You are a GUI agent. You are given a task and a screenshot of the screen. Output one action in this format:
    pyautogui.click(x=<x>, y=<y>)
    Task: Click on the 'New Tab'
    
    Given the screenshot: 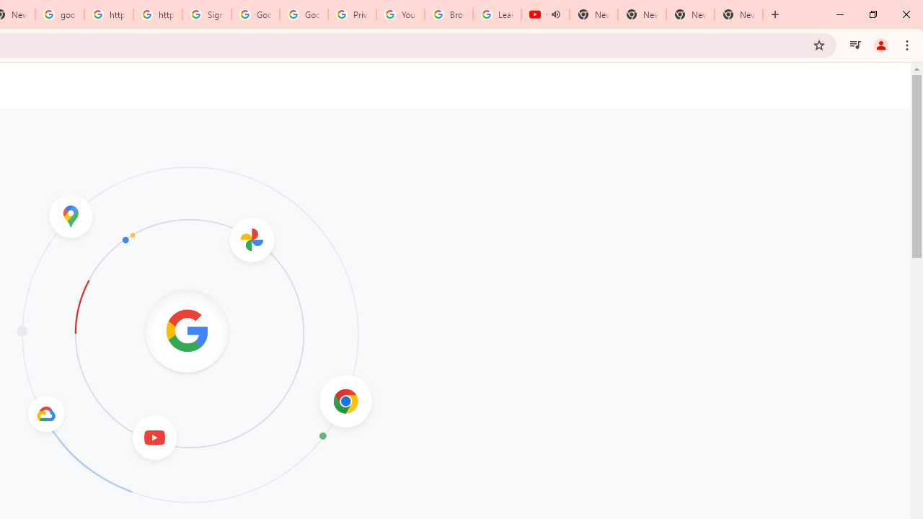 What is the action you would take?
    pyautogui.click(x=738, y=14)
    